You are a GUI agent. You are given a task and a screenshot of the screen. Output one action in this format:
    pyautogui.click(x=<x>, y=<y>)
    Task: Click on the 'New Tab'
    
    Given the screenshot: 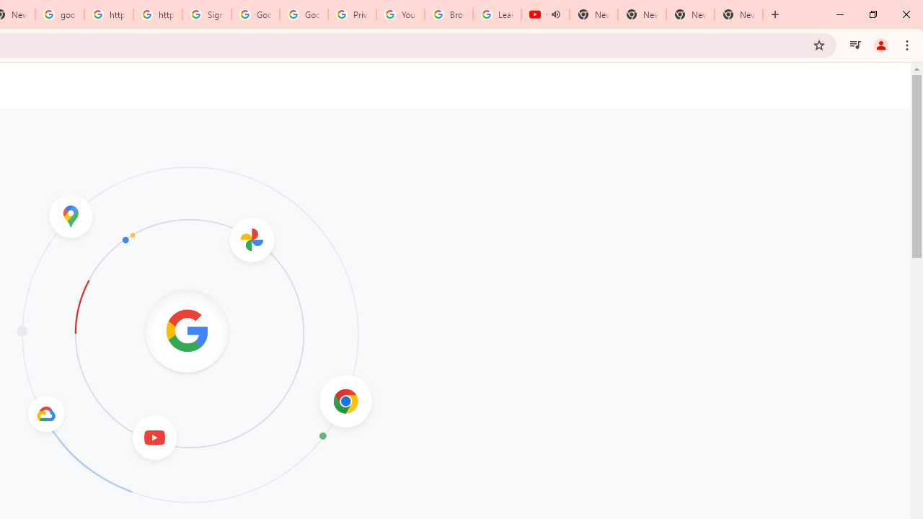 What is the action you would take?
    pyautogui.click(x=738, y=14)
    